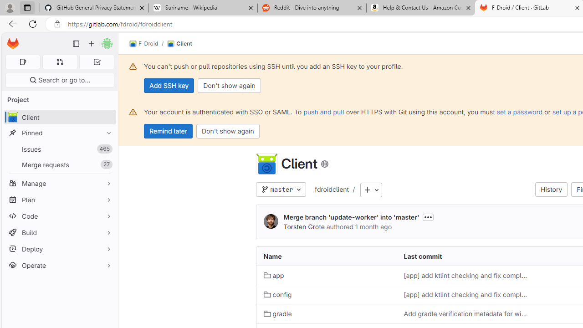 This screenshot has height=328, width=583. I want to click on 'Homepage', so click(13, 44).